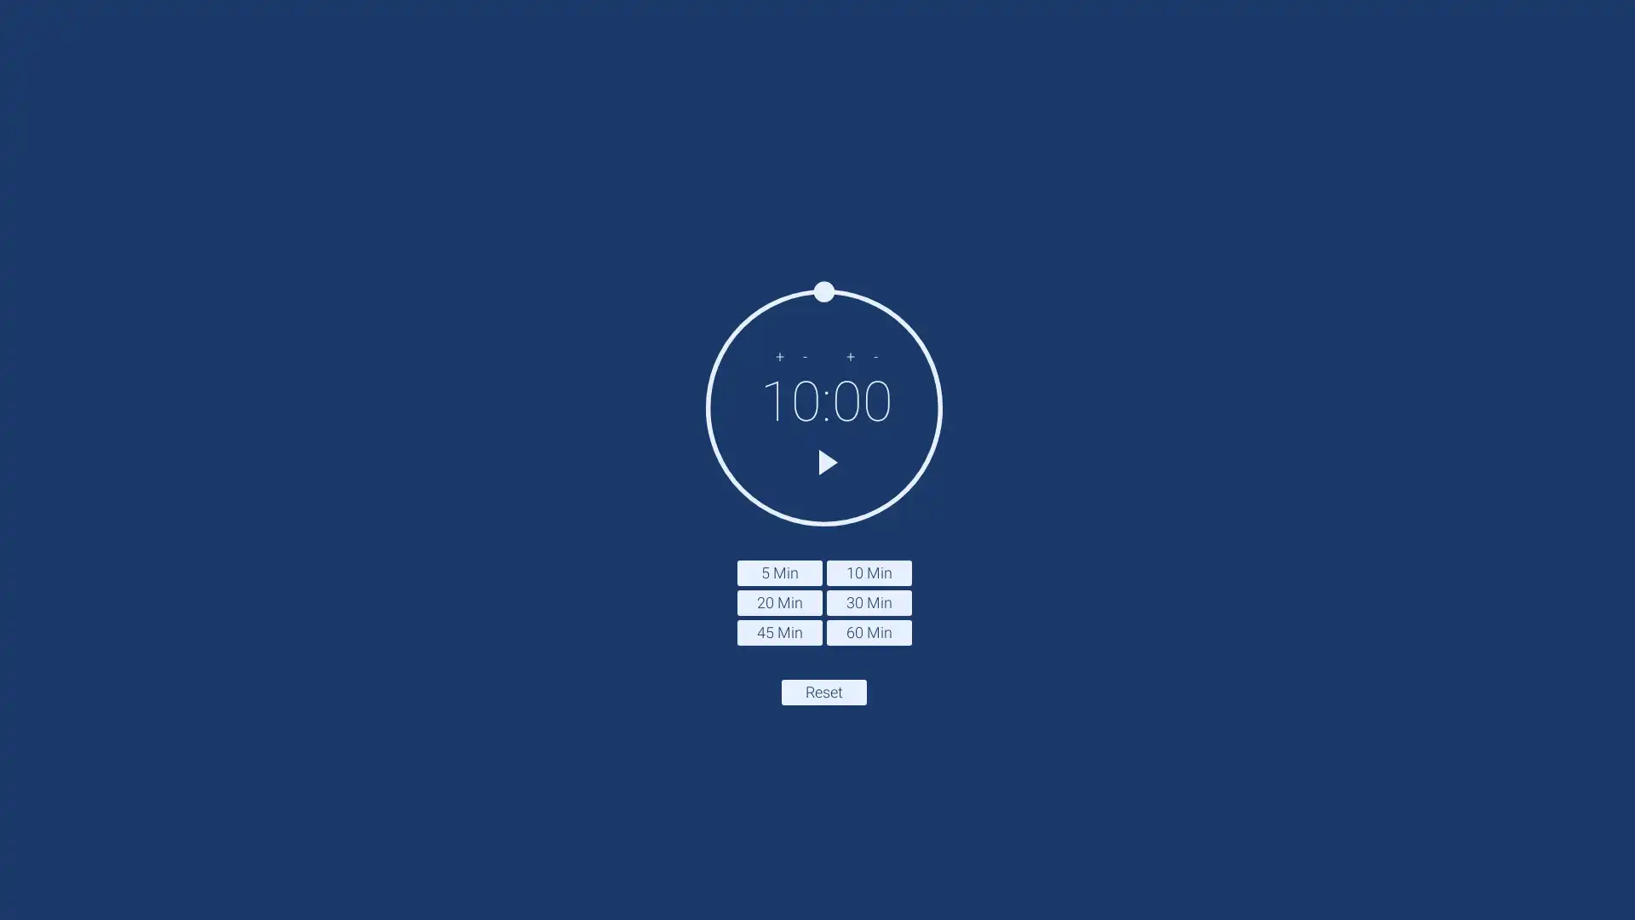 This screenshot has width=1635, height=920. I want to click on 45 Min, so click(778, 631).